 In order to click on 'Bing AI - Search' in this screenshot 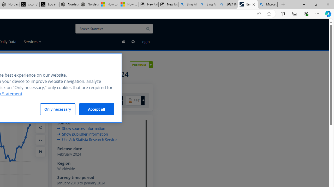, I will do `click(208, 4)`.